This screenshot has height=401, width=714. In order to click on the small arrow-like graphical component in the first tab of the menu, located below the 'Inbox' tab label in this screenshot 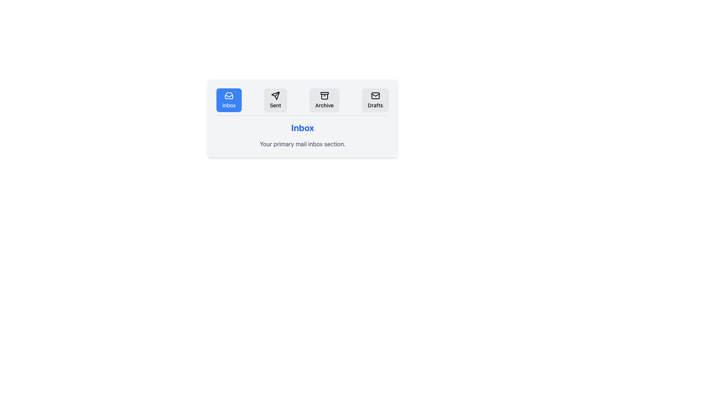, I will do `click(228, 96)`.